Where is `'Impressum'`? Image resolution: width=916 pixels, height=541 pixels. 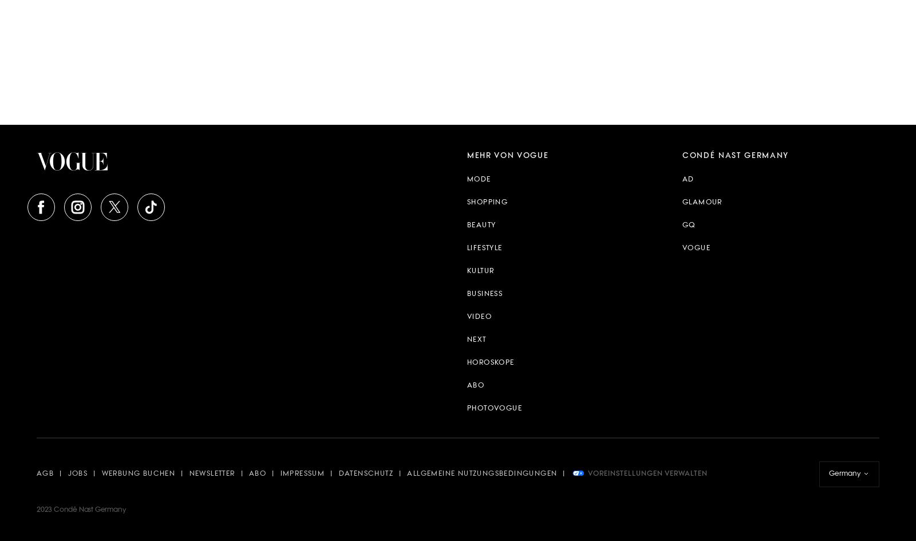 'Impressum' is located at coordinates (302, 474).